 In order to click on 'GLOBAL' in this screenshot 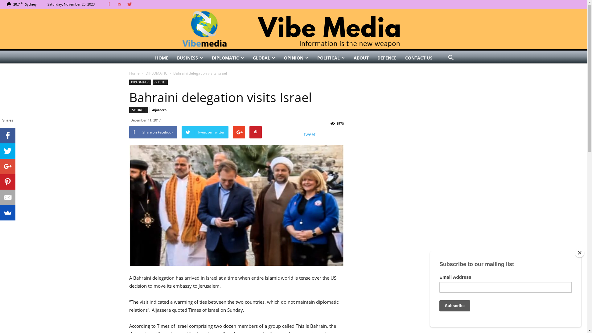, I will do `click(249, 58)`.